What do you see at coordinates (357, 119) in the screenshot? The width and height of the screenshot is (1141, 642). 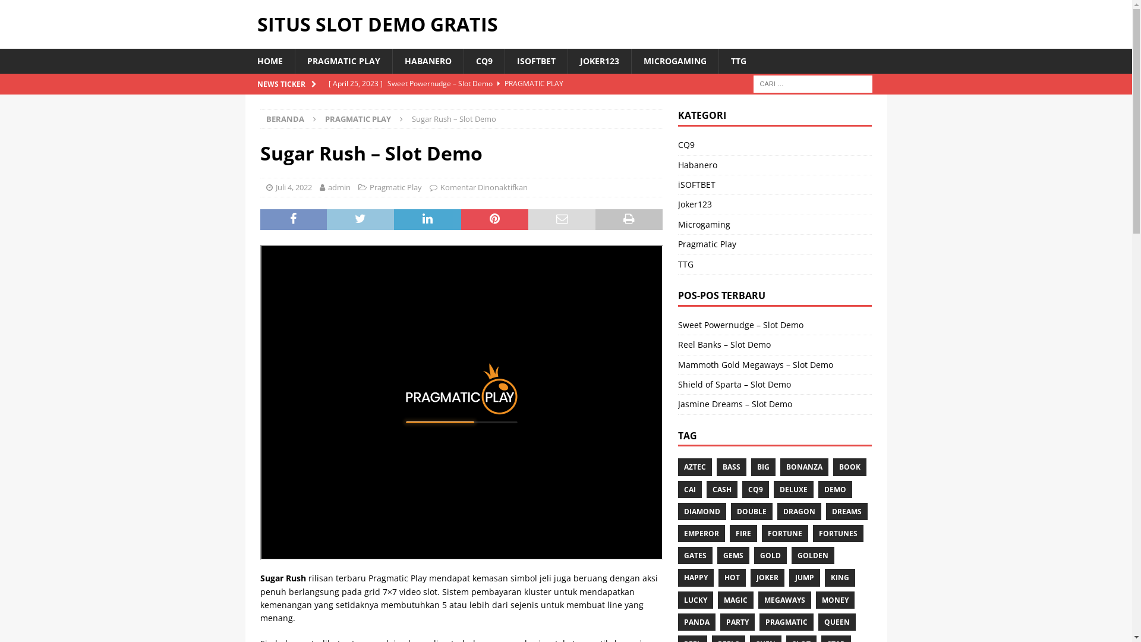 I see `'PRAGMATIC PLAY'` at bounding box center [357, 119].